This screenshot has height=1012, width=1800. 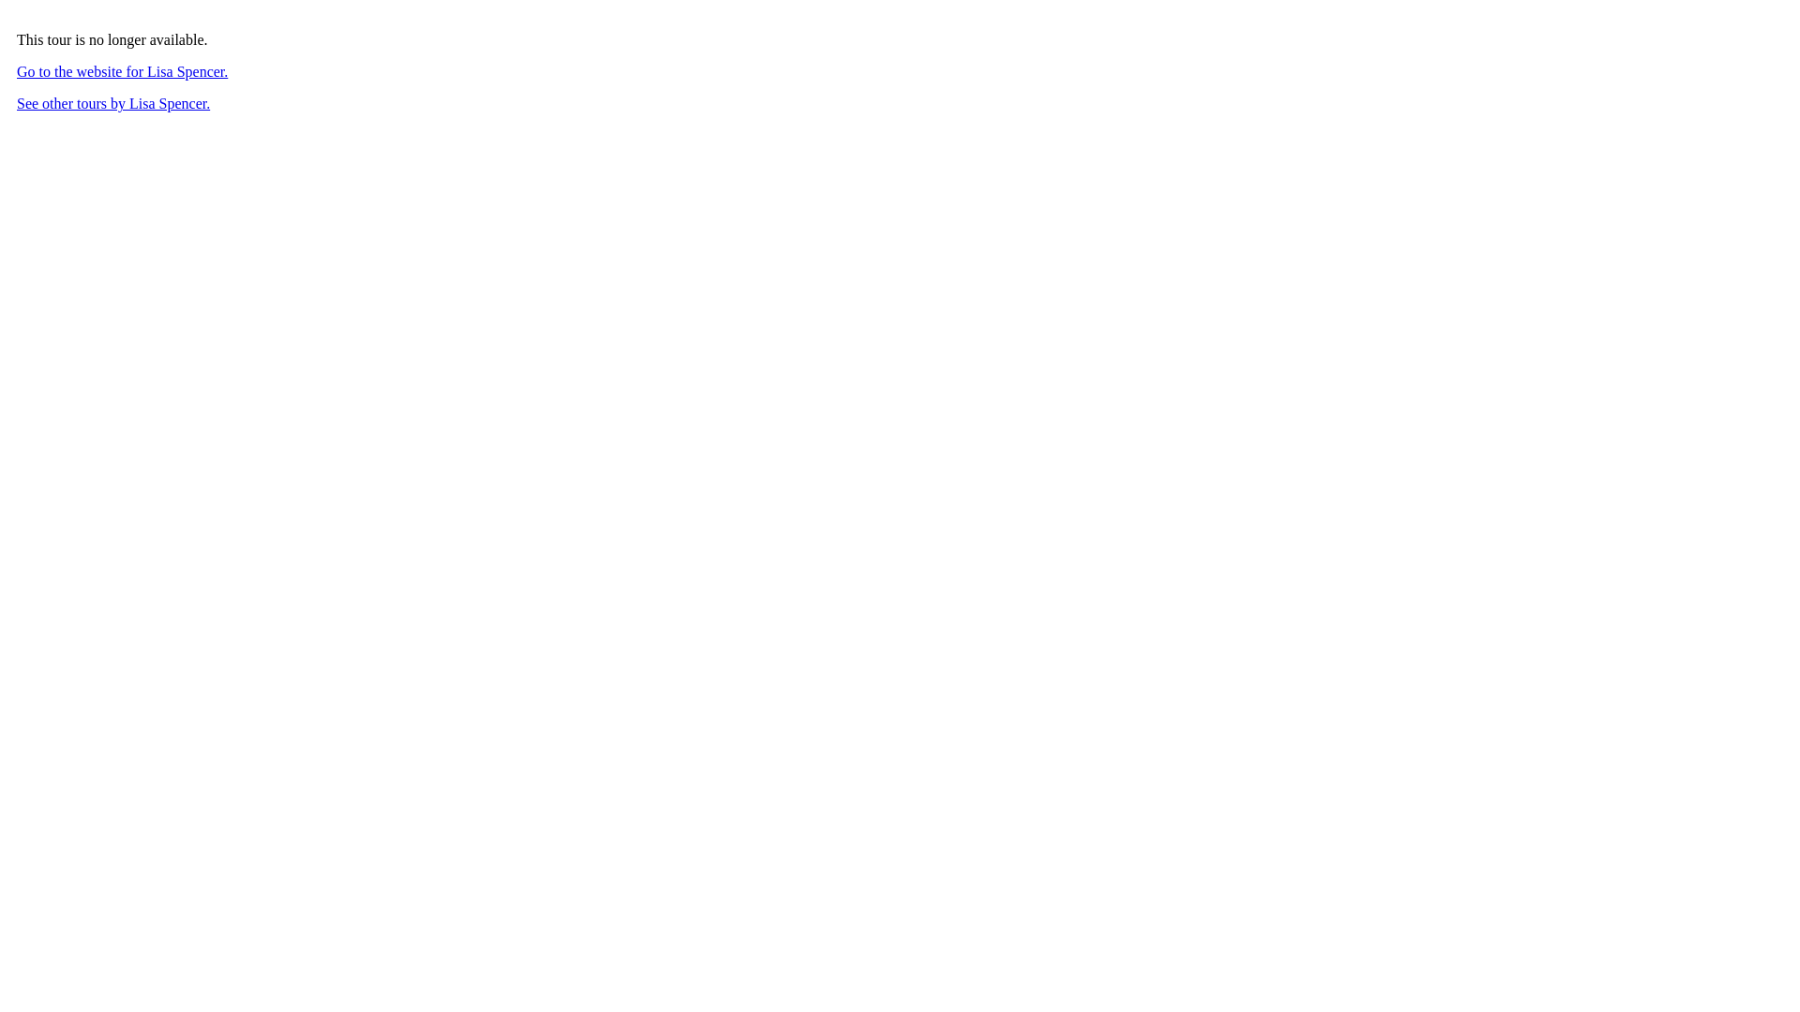 What do you see at coordinates (121, 70) in the screenshot?
I see `'Go to the website for Lisa Spencer.'` at bounding box center [121, 70].